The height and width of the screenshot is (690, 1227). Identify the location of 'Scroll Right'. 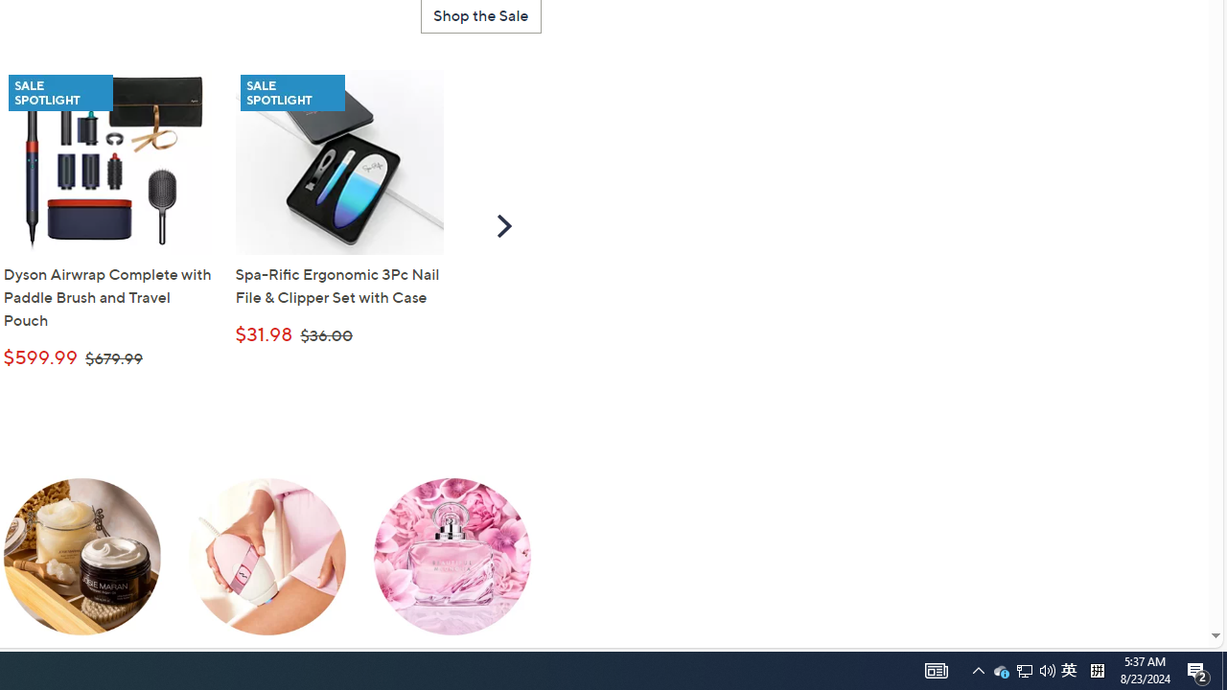
(504, 224).